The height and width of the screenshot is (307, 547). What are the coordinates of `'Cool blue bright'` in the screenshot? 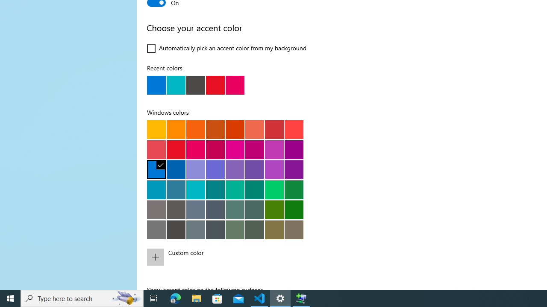 It's located at (156, 189).